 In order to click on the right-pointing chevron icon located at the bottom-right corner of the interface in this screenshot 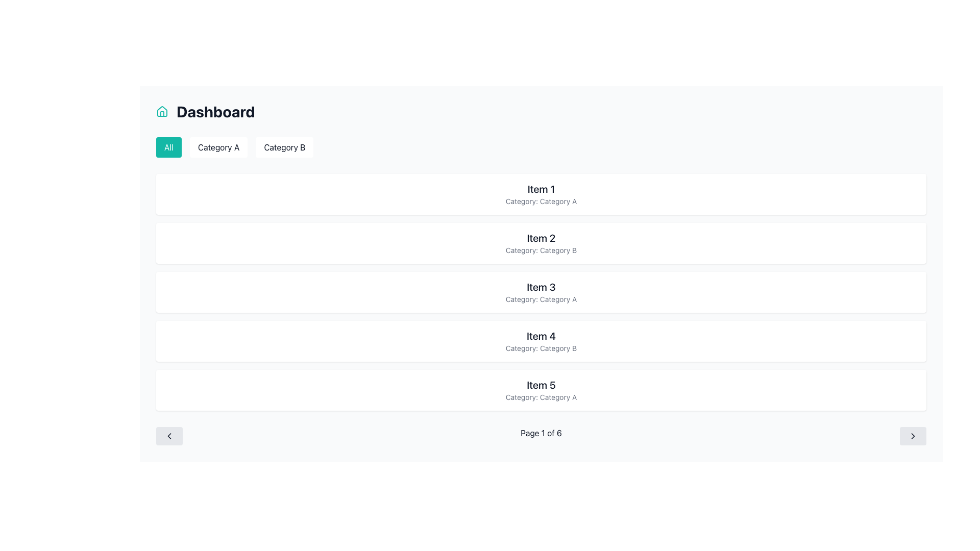, I will do `click(913, 436)`.